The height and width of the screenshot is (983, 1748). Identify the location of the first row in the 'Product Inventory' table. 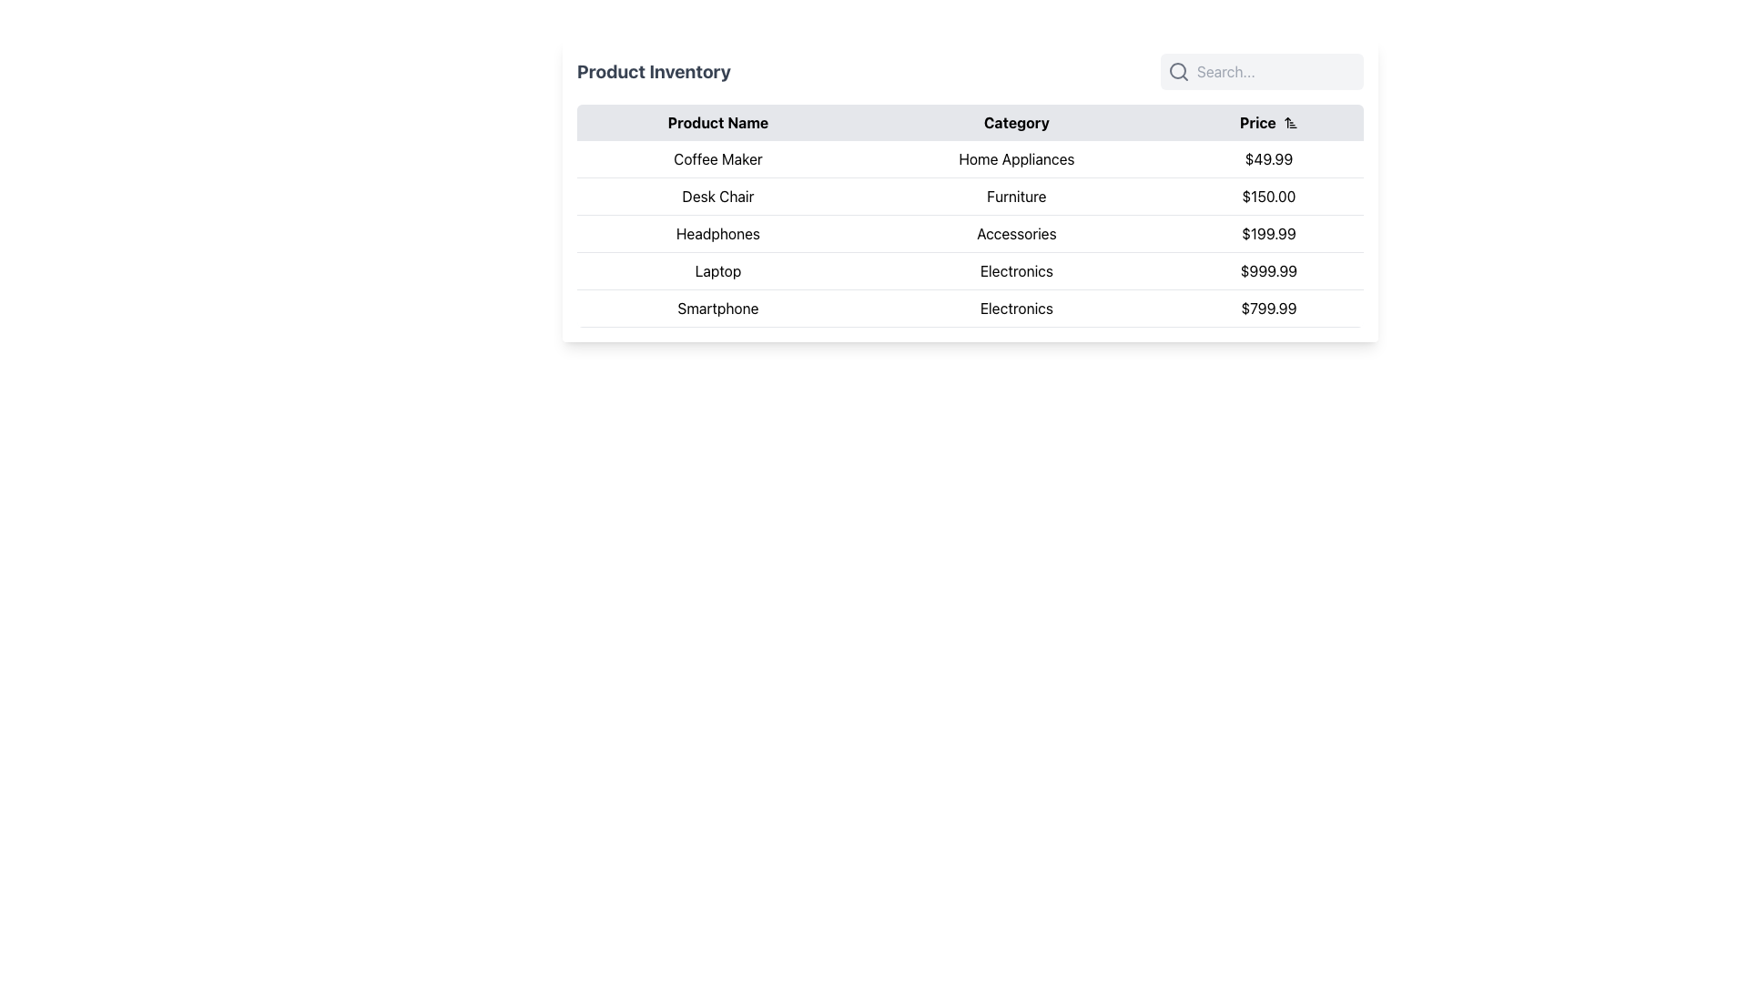
(969, 157).